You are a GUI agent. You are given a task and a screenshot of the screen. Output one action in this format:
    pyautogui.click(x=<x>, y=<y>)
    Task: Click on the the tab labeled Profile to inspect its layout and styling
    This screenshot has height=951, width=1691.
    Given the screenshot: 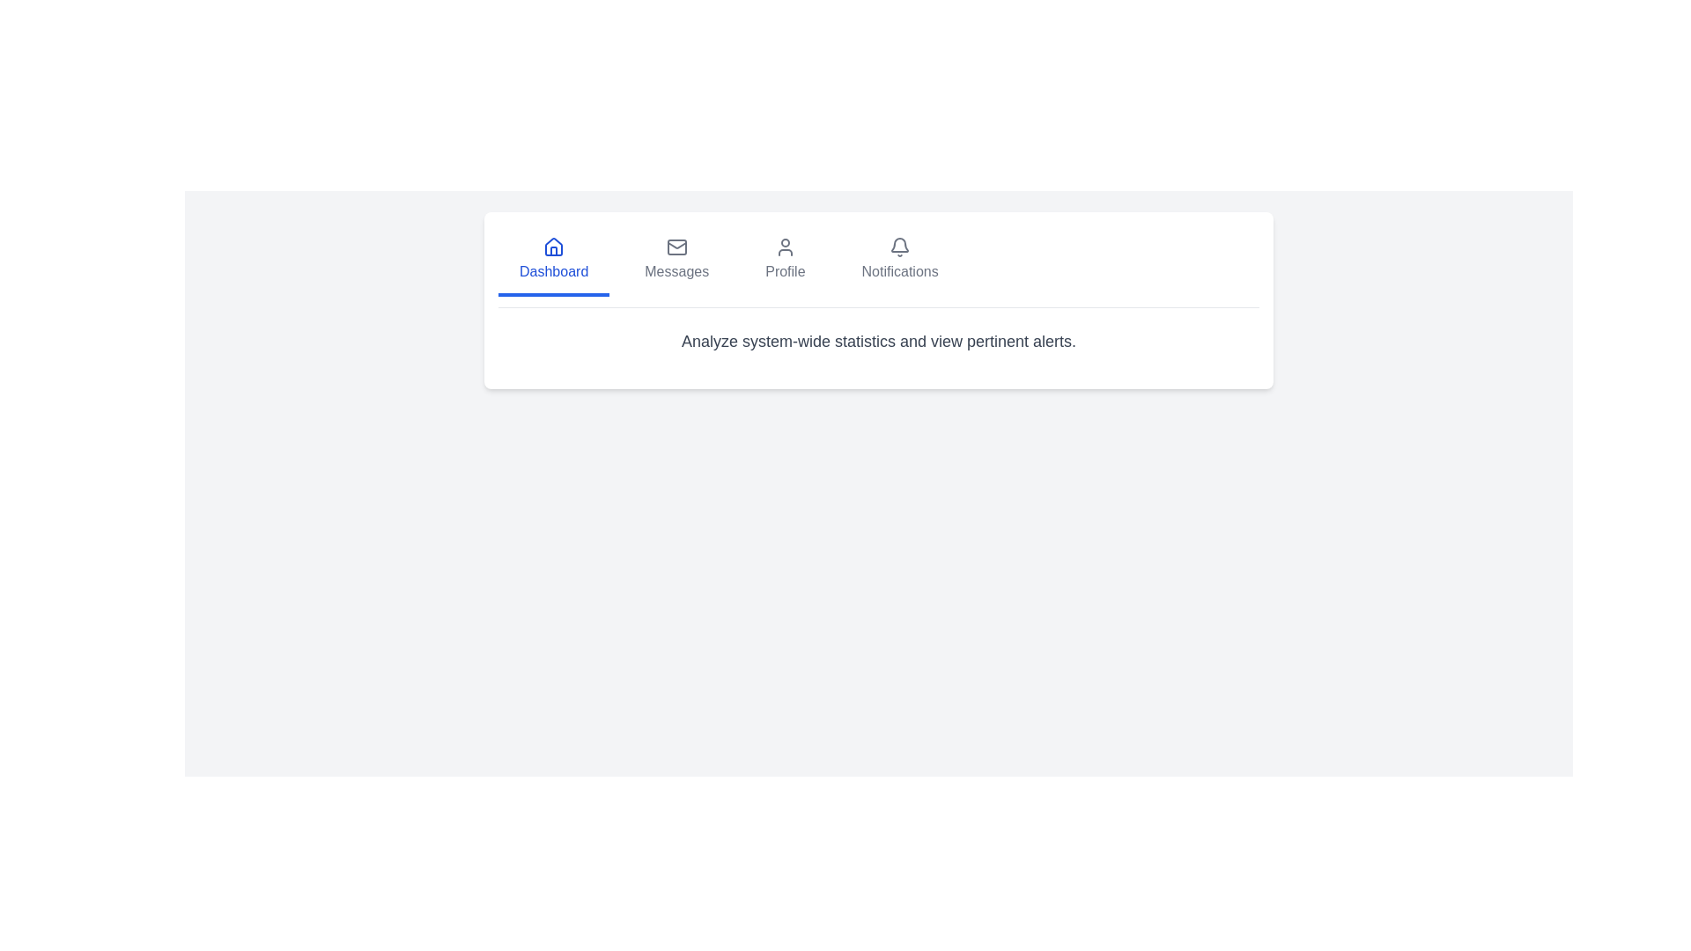 What is the action you would take?
    pyautogui.click(x=784, y=262)
    